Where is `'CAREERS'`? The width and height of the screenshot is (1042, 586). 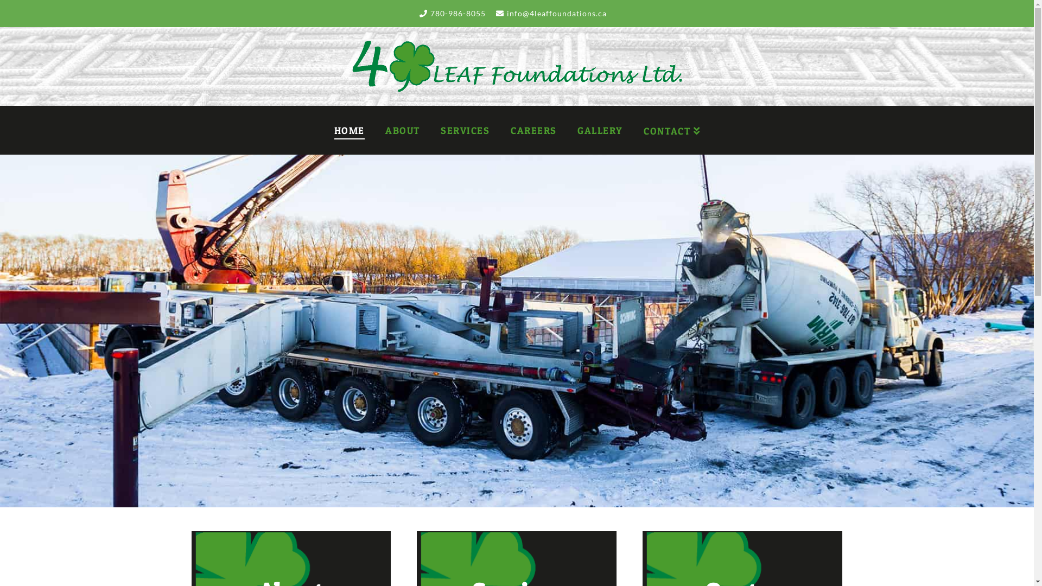
'CAREERS' is located at coordinates (533, 129).